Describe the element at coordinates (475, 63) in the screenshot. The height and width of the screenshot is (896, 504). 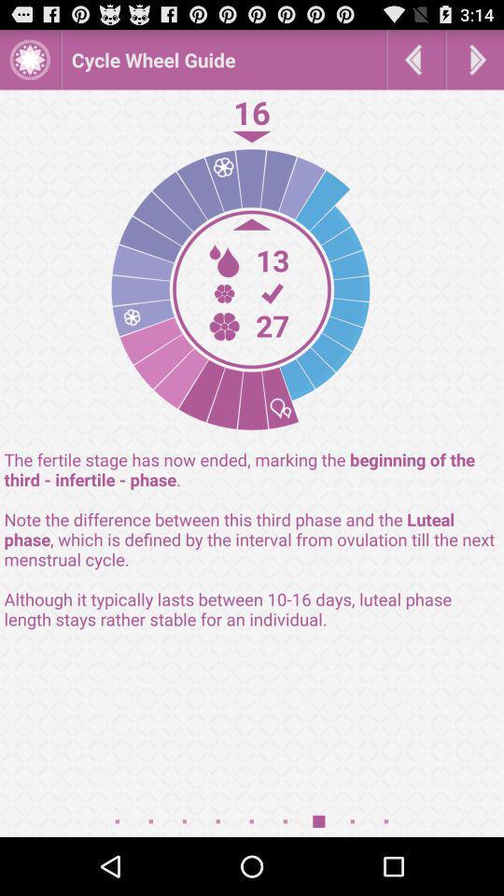
I see `the arrow_forward icon` at that location.